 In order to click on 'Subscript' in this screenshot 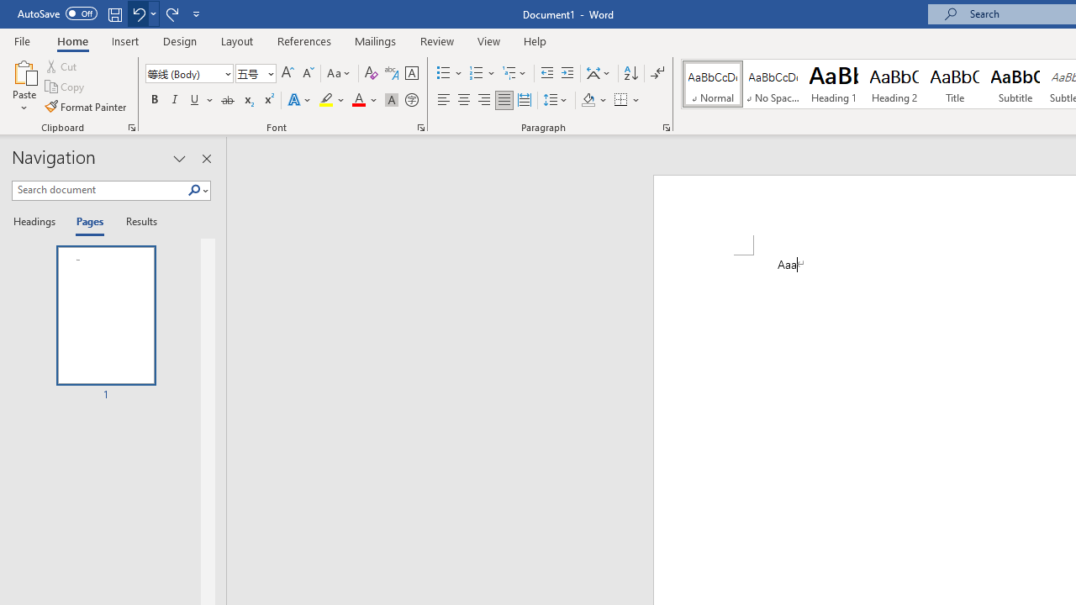, I will do `click(247, 100)`.